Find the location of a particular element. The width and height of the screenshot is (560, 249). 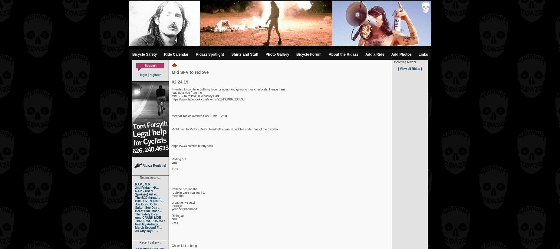

'time:' is located at coordinates (175, 162).